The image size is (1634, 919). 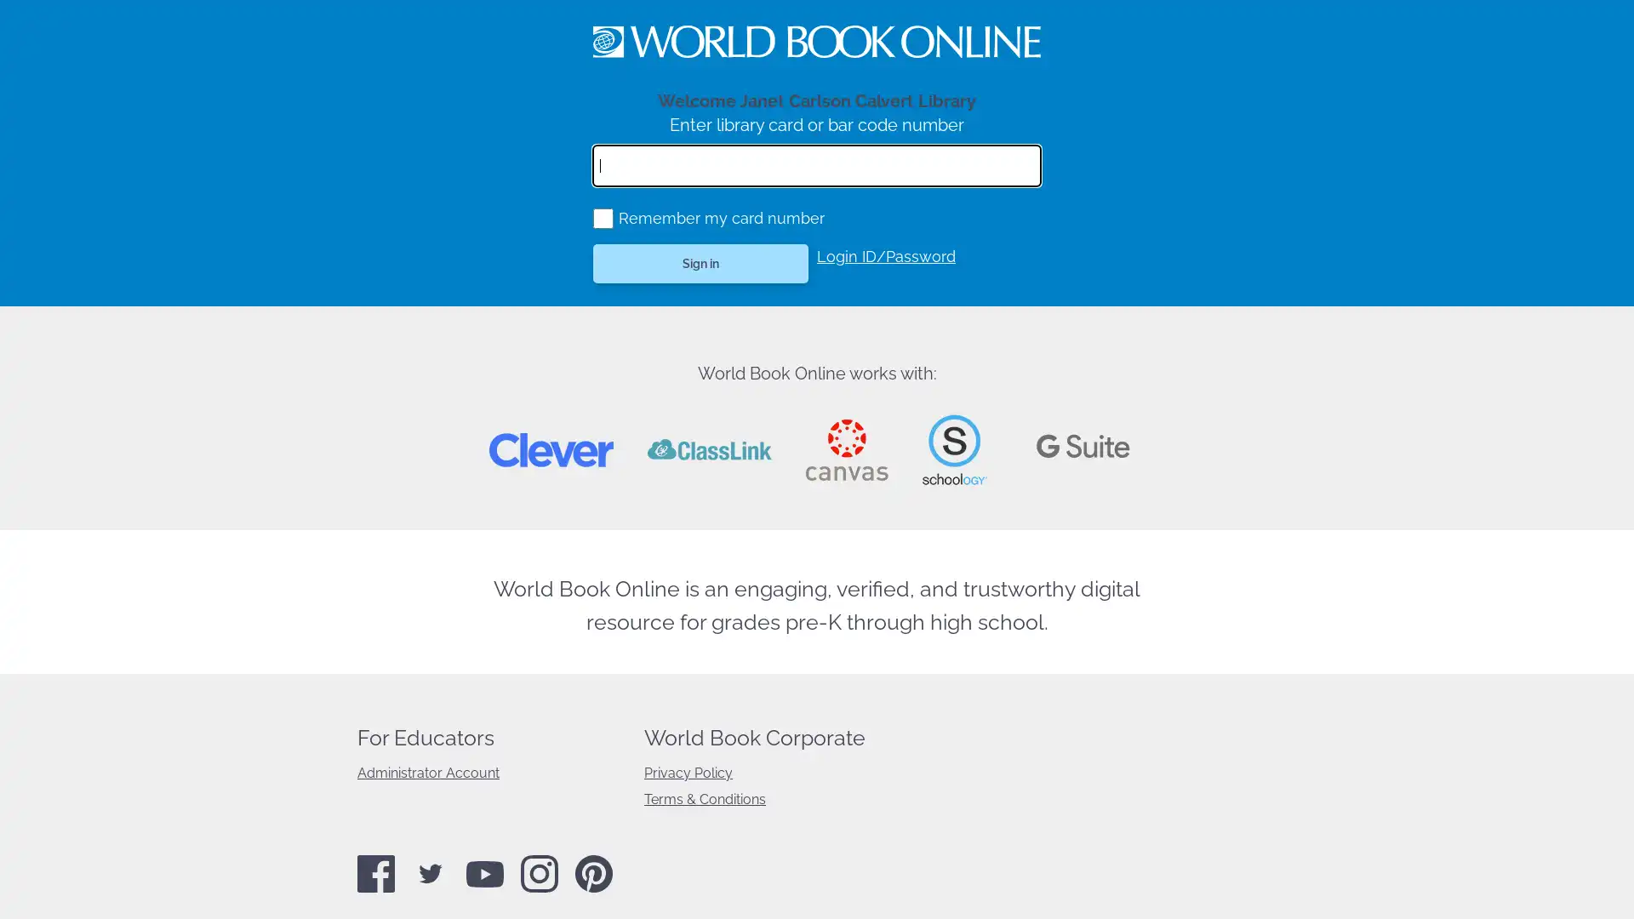 I want to click on Sign in, so click(x=700, y=263).